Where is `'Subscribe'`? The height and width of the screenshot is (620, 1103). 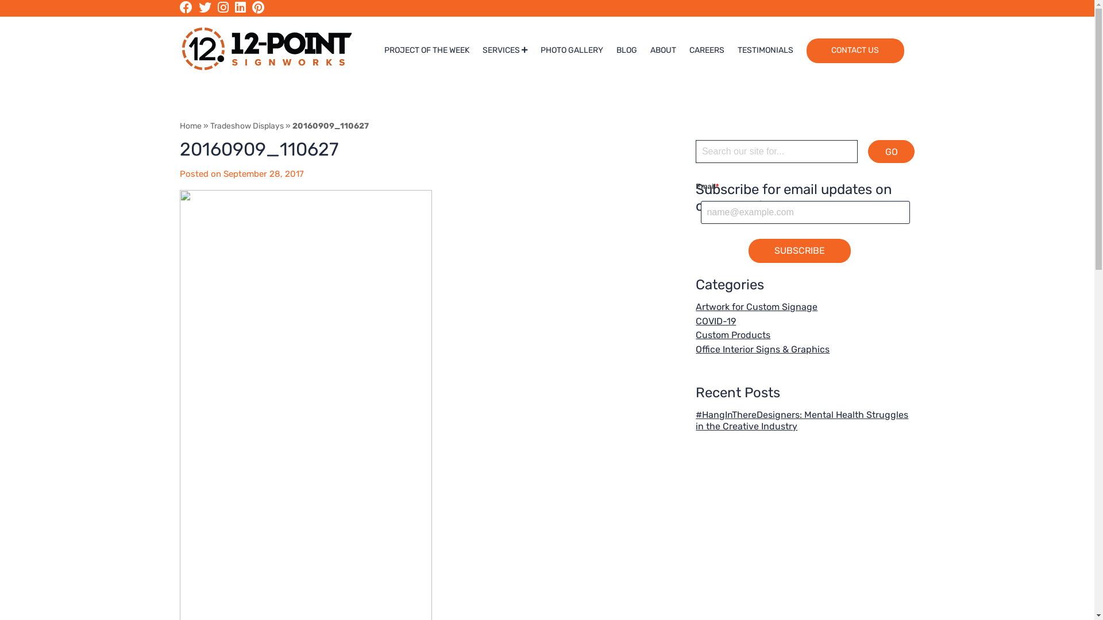 'Subscribe' is located at coordinates (799, 250).